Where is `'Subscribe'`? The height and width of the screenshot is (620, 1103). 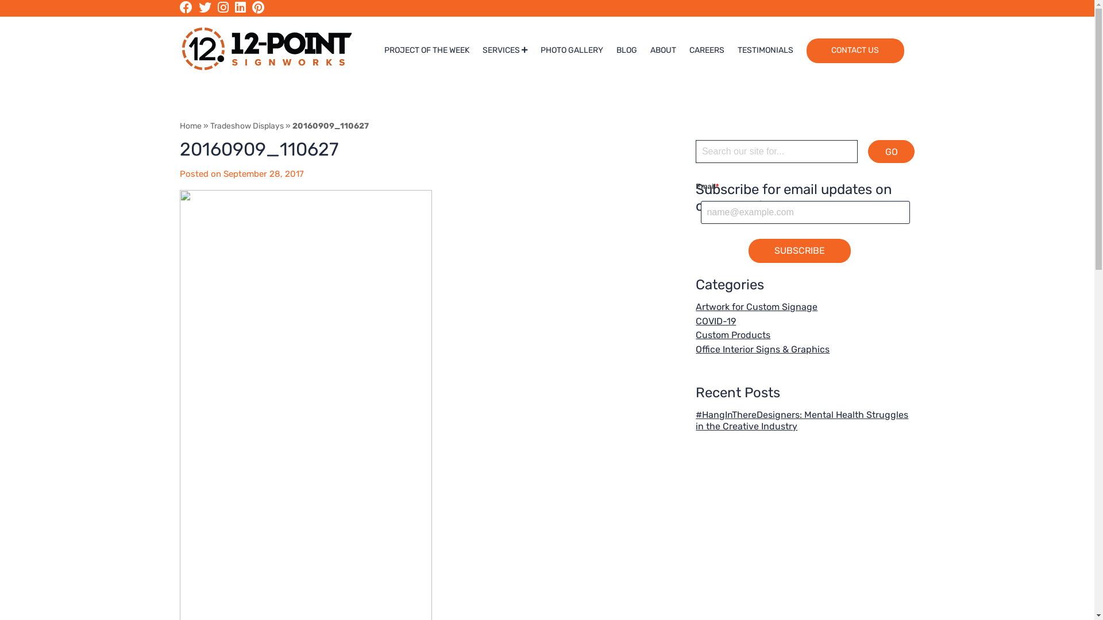 'Subscribe' is located at coordinates (799, 250).